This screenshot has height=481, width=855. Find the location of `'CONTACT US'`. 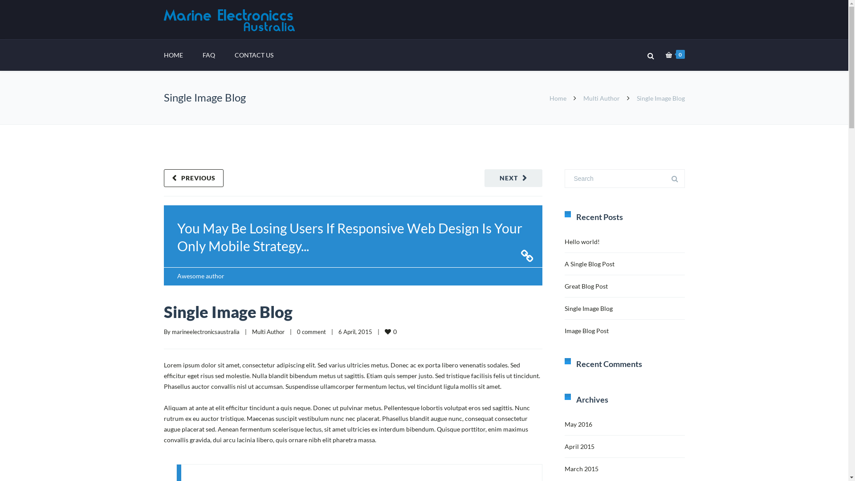

'CONTACT US' is located at coordinates (253, 55).